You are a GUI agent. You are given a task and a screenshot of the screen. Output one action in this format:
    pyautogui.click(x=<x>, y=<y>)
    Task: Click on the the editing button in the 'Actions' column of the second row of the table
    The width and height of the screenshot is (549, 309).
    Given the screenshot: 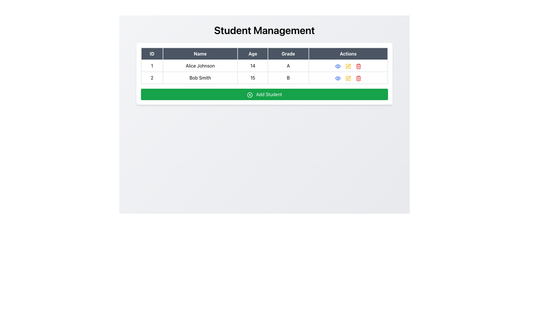 What is the action you would take?
    pyautogui.click(x=348, y=78)
    